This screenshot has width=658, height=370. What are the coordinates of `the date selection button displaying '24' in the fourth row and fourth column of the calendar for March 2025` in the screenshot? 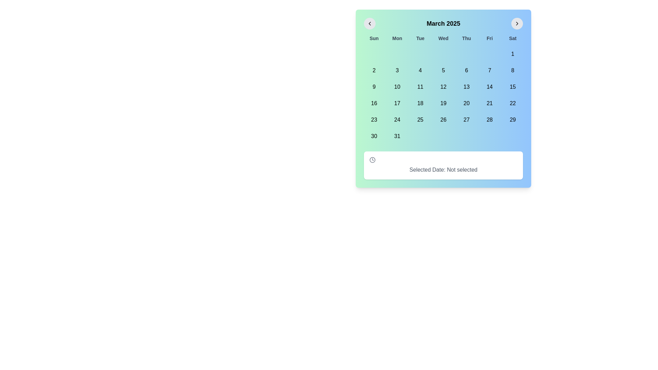 It's located at (397, 120).